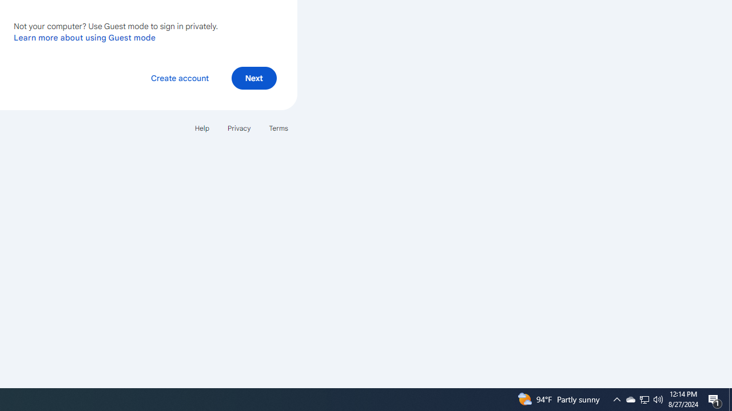  What do you see at coordinates (179, 77) in the screenshot?
I see `'Create account'` at bounding box center [179, 77].